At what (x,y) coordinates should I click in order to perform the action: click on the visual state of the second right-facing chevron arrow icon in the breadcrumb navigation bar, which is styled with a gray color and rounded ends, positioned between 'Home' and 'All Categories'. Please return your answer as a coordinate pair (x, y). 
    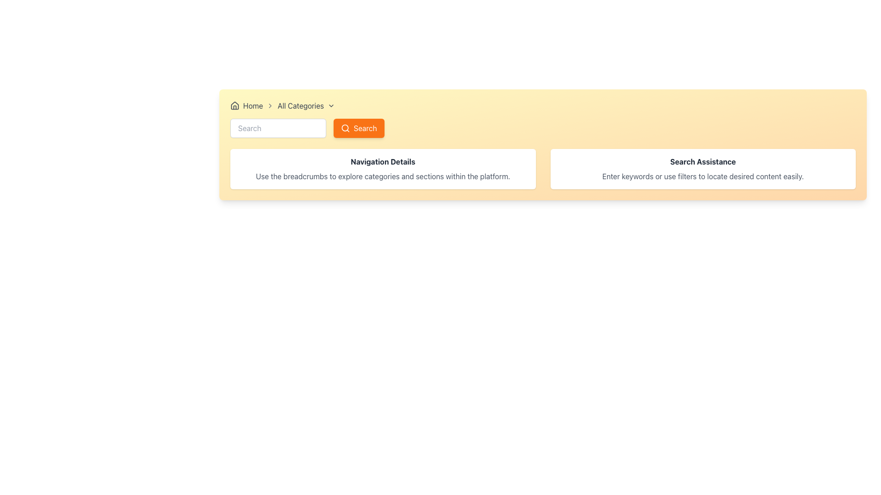
    Looking at the image, I should click on (270, 105).